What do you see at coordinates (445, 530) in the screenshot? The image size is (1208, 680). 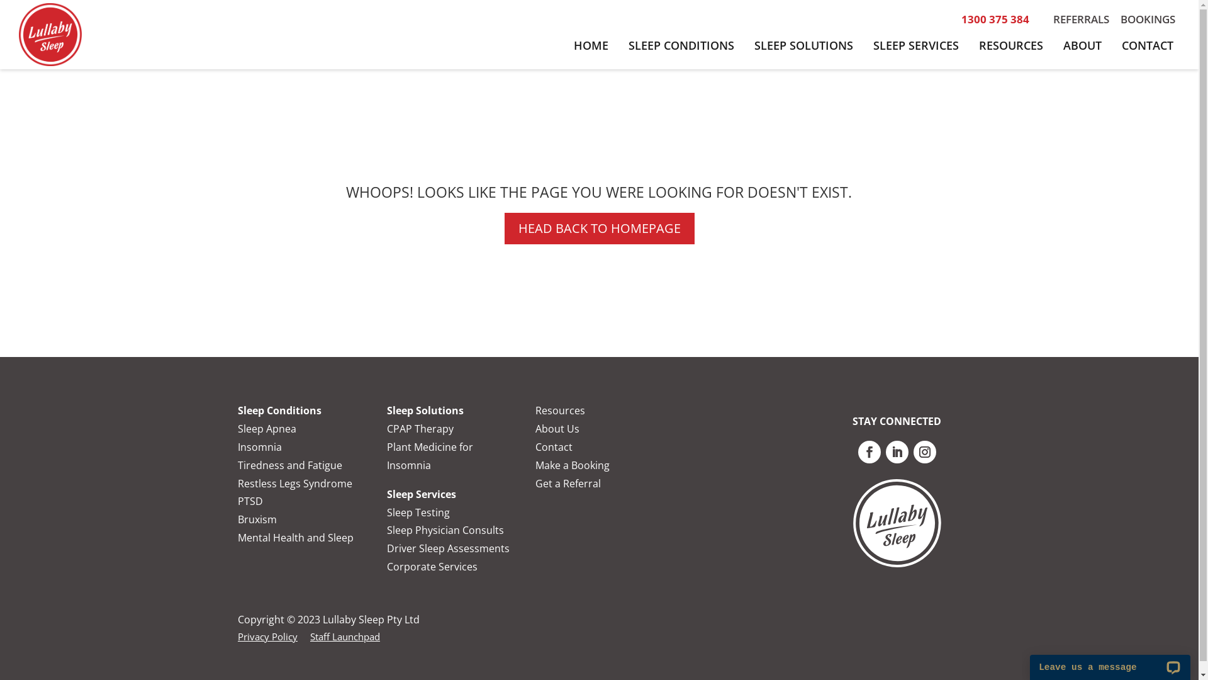 I see `'Sleep Physician Consults'` at bounding box center [445, 530].